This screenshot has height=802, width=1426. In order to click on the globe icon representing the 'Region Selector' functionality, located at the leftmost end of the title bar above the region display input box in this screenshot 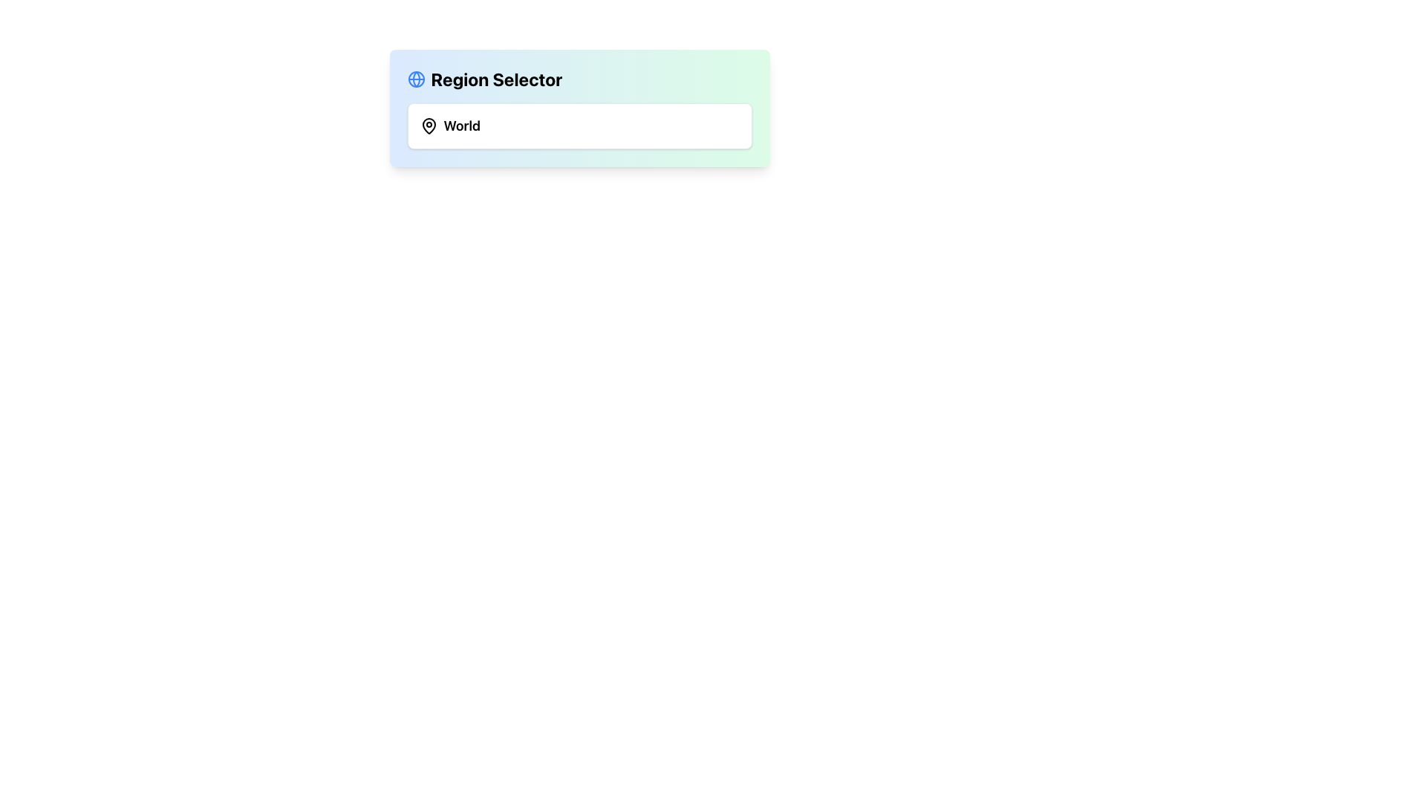, I will do `click(416, 79)`.